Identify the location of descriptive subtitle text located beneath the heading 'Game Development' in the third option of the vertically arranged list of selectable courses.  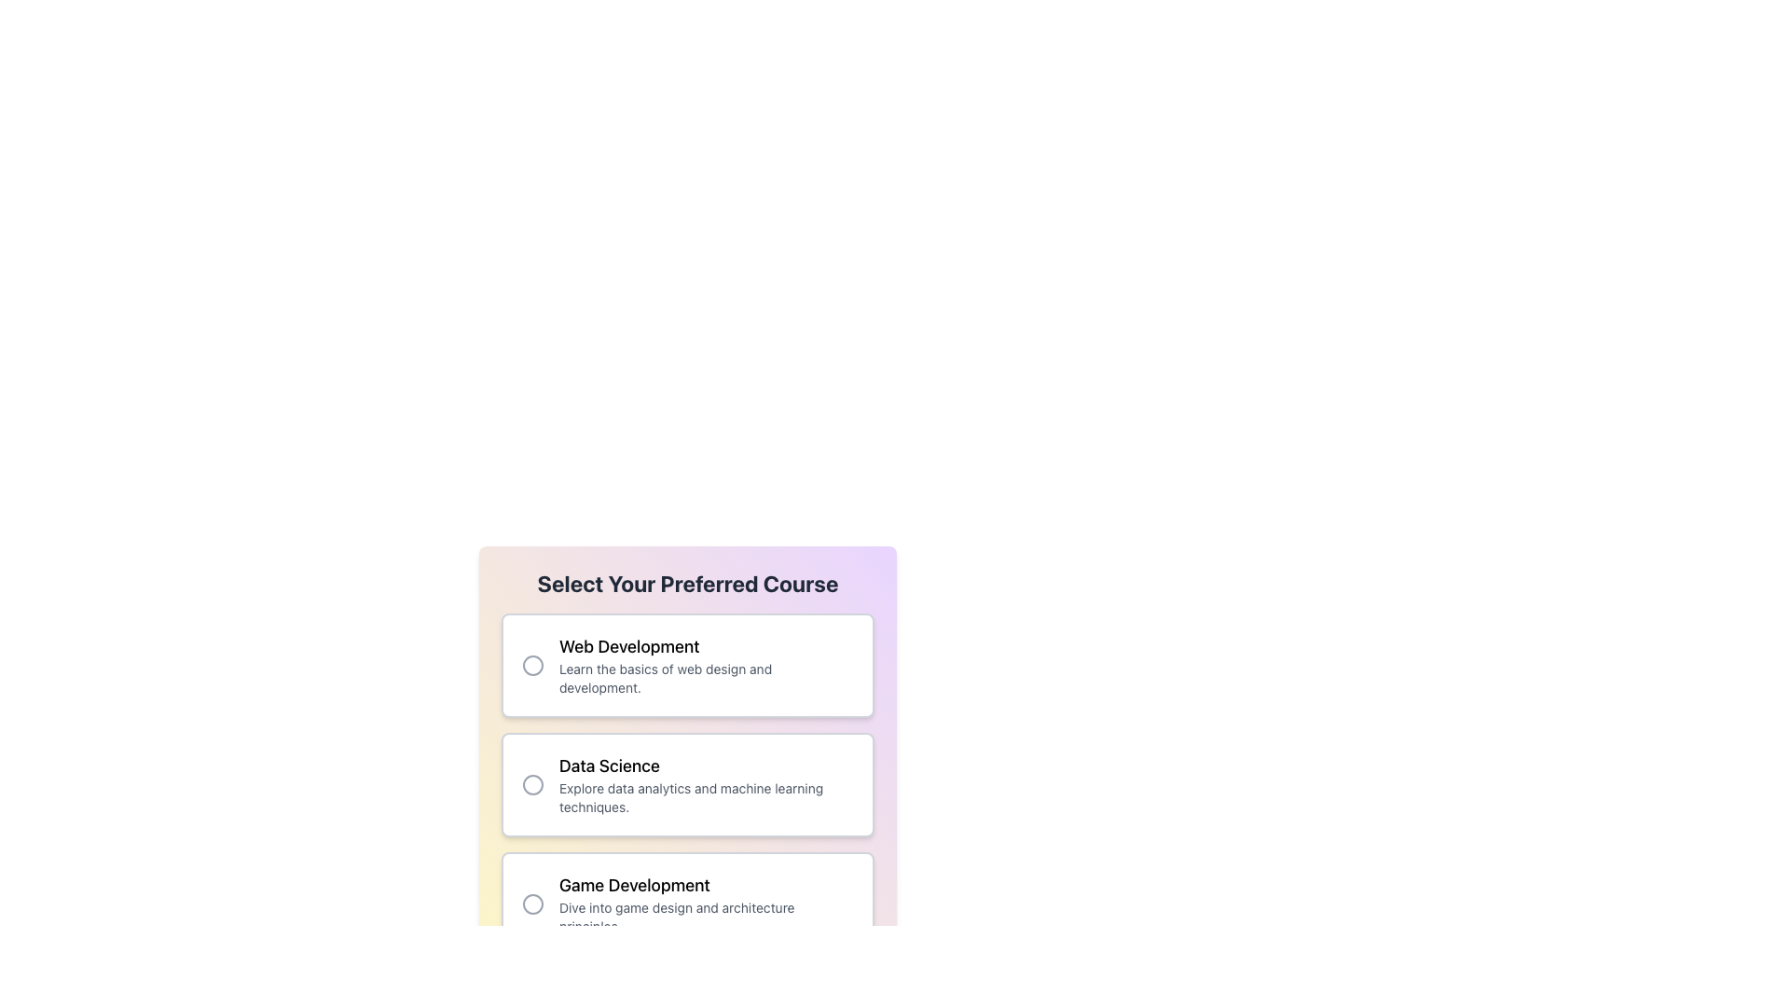
(706, 916).